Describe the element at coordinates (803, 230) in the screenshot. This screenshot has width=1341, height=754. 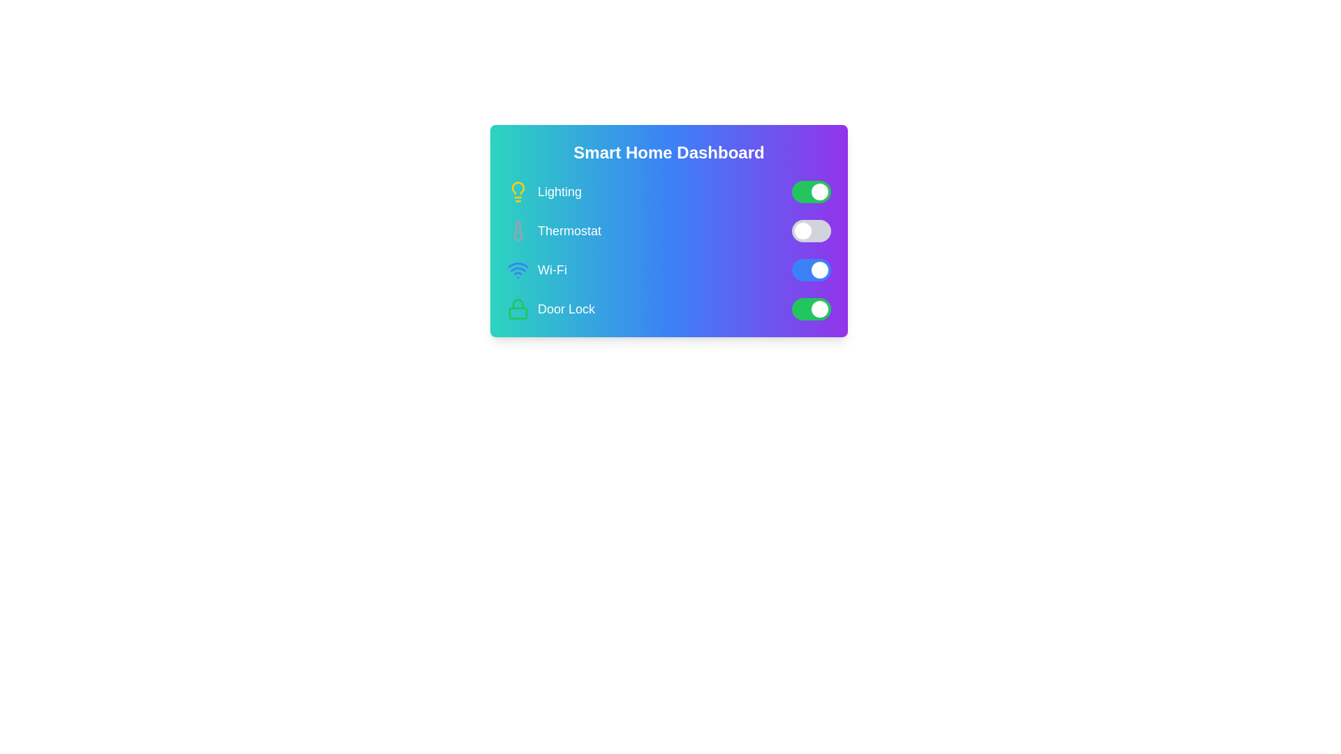
I see `the state of the circular toggle knob, which is a small round element with a white fill, indicating the 'off' state, located slightly towards the left side of the toggle switch background on the second row from the top, directly to the right of the 'Thermostat' label` at that location.